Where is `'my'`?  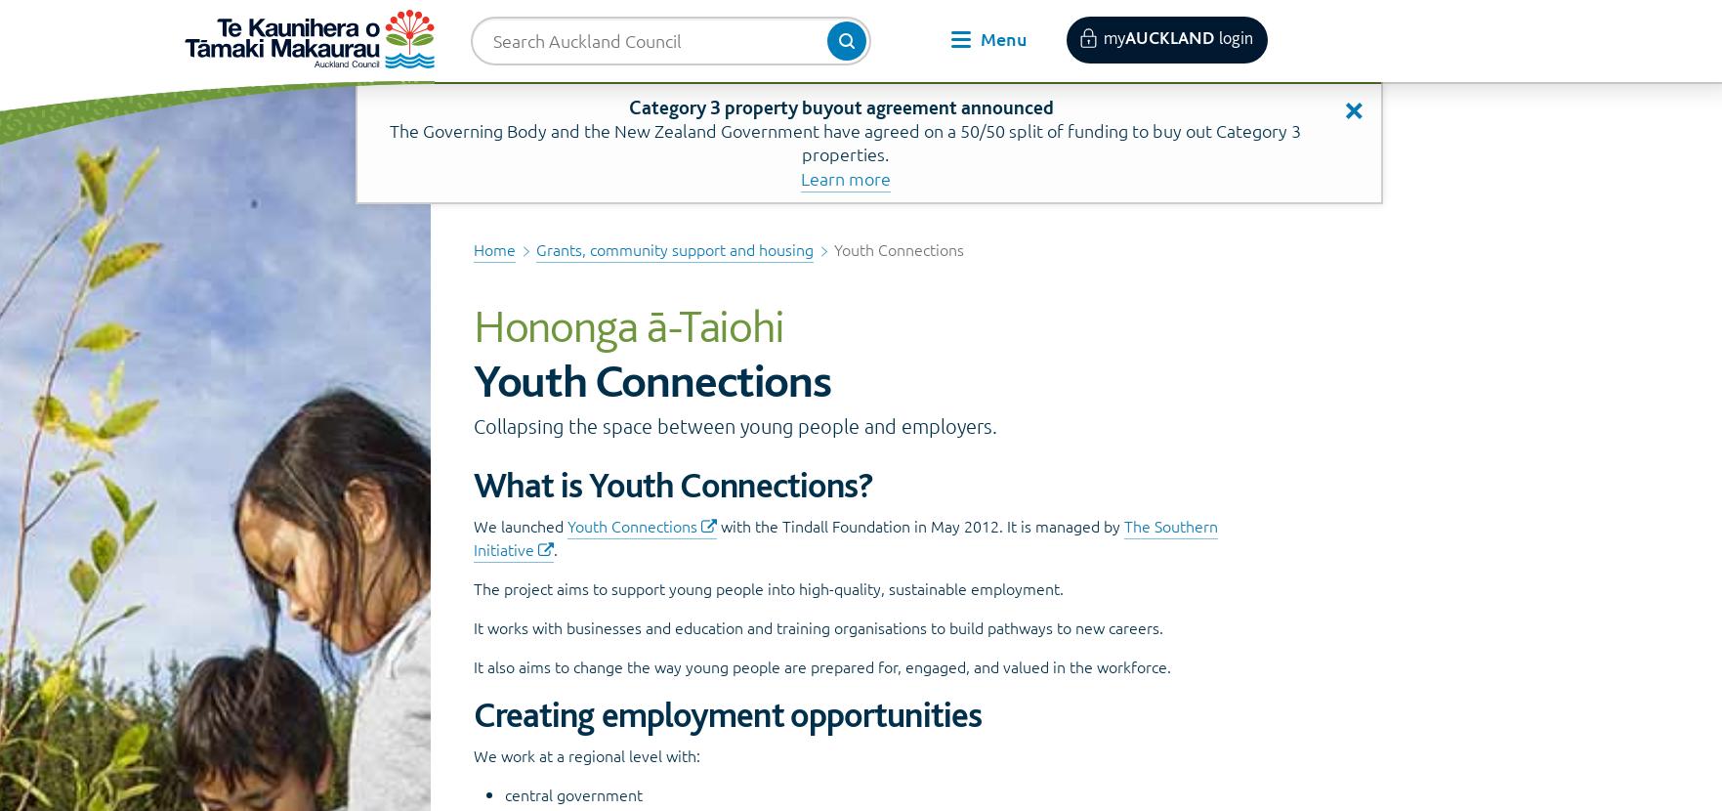
'my' is located at coordinates (1112, 36).